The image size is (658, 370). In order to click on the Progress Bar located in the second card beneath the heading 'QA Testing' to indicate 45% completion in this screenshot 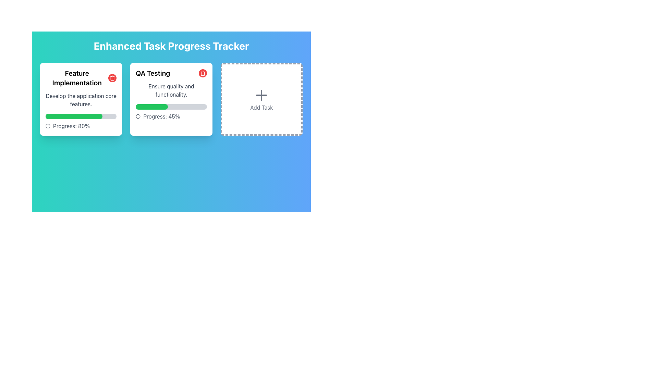, I will do `click(151, 107)`.